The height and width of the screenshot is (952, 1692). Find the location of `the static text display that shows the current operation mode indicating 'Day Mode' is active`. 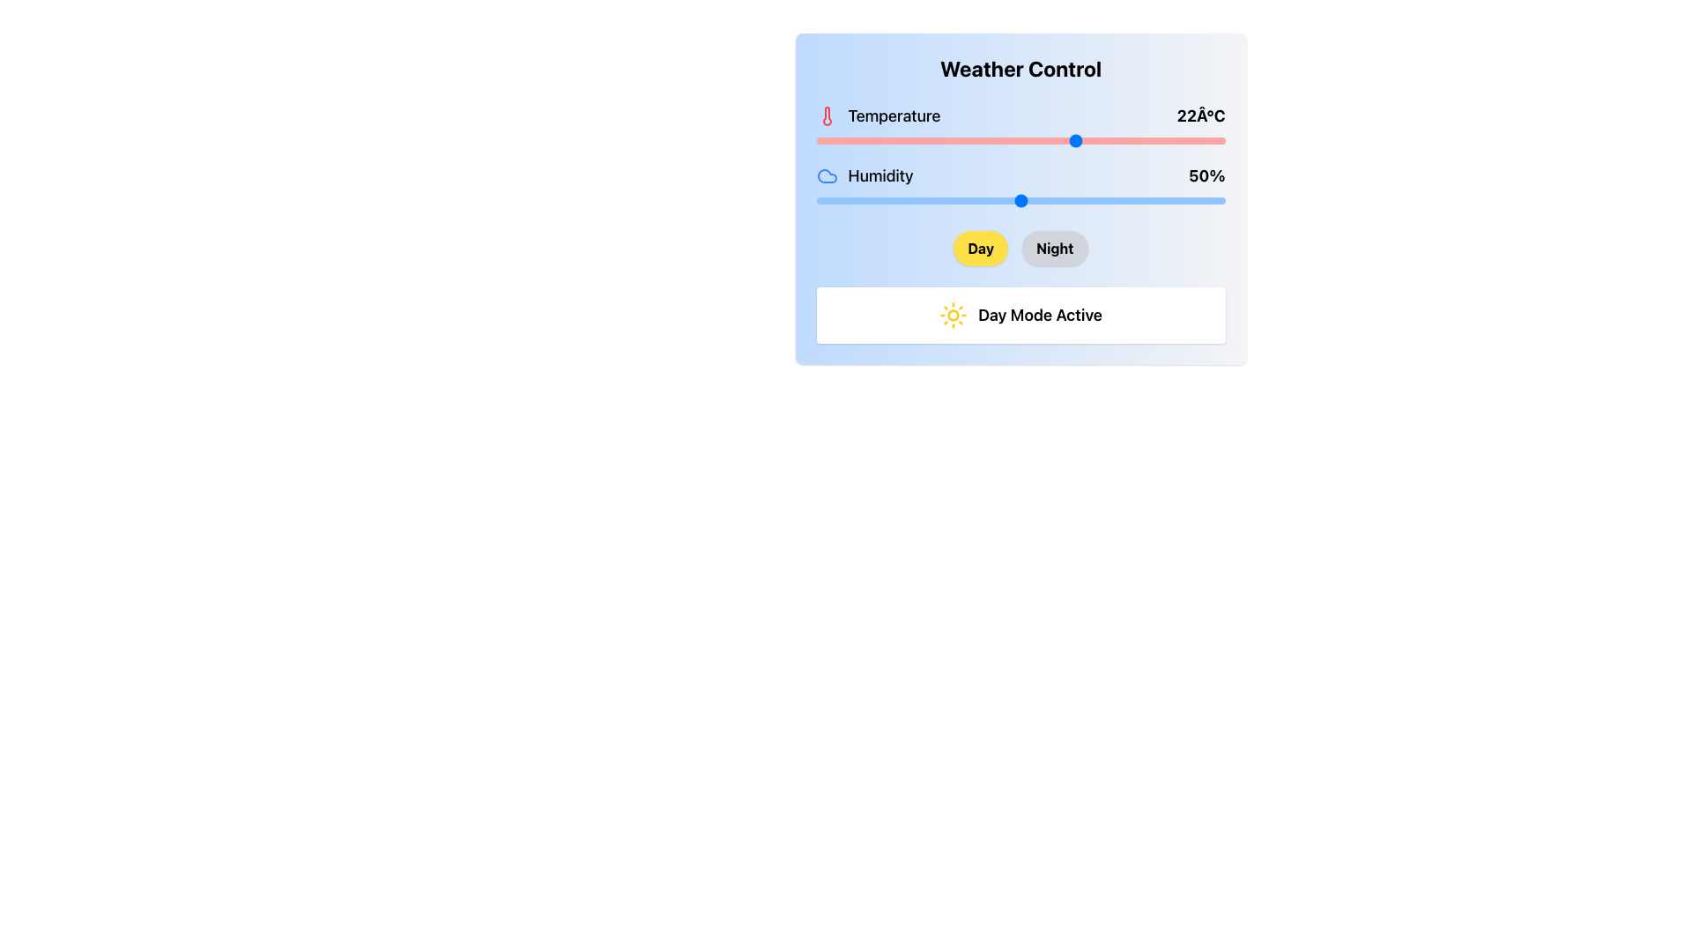

the static text display that shows the current operation mode indicating 'Day Mode' is active is located at coordinates (1020, 315).